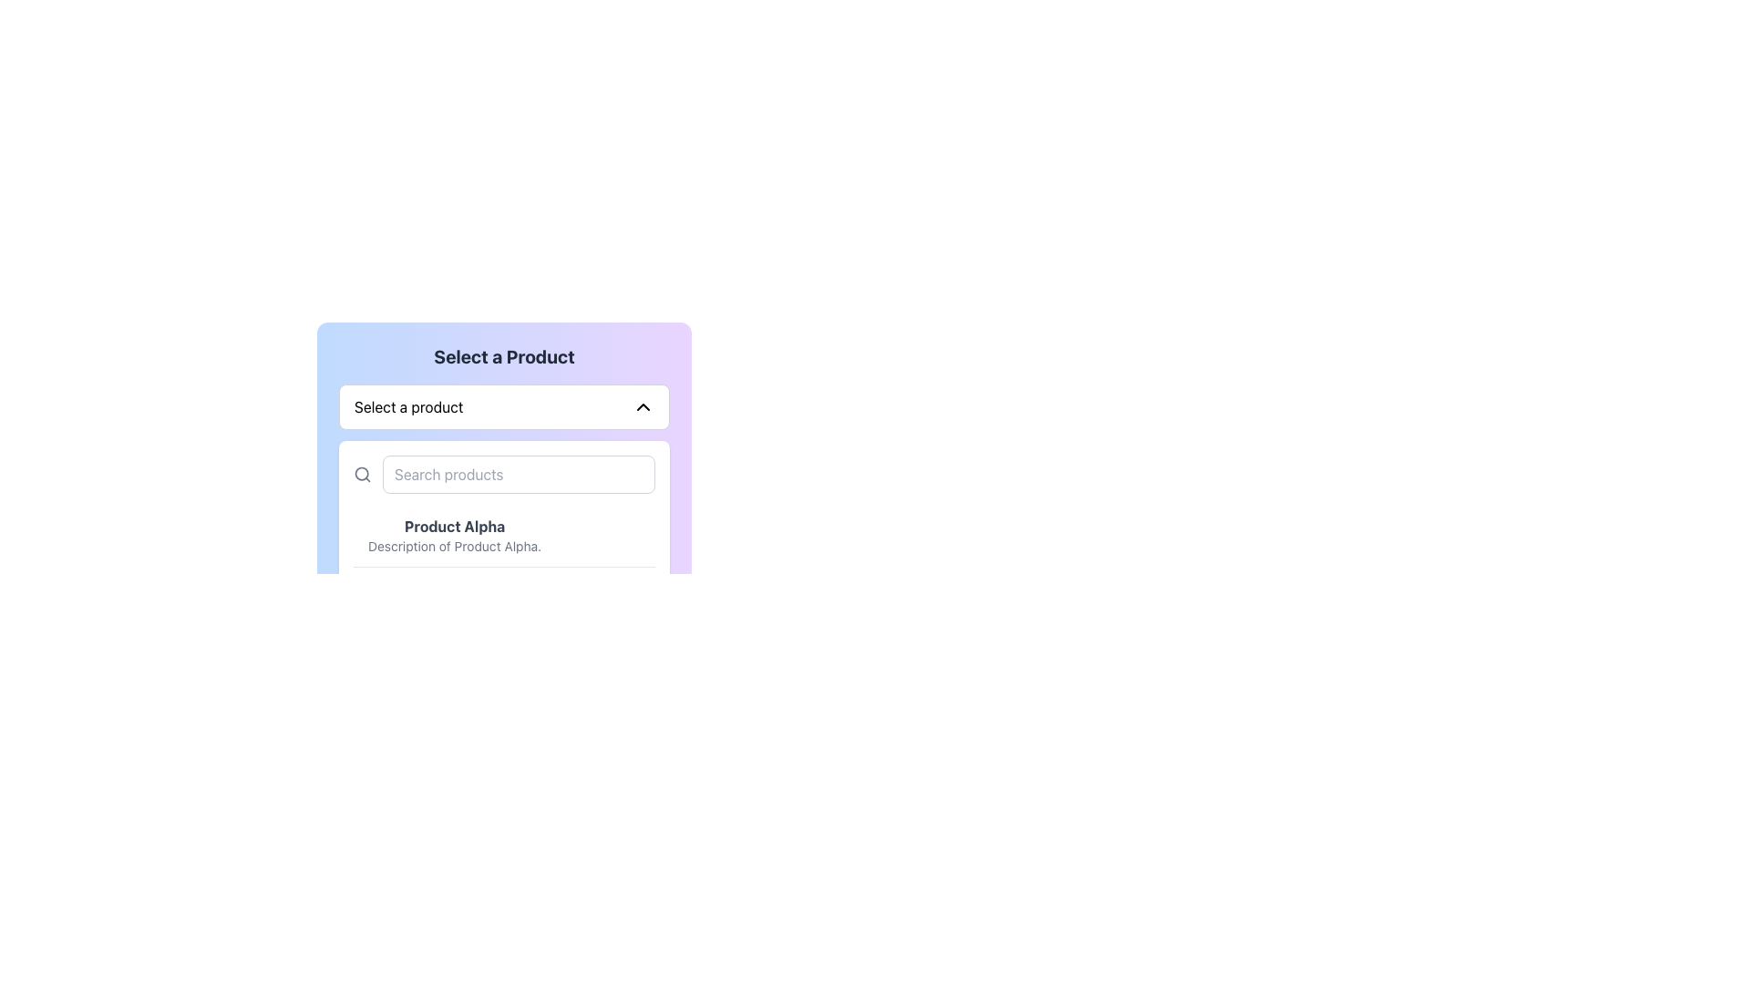  I want to click on the first list item displaying 'Product Alpha', so click(504, 535).